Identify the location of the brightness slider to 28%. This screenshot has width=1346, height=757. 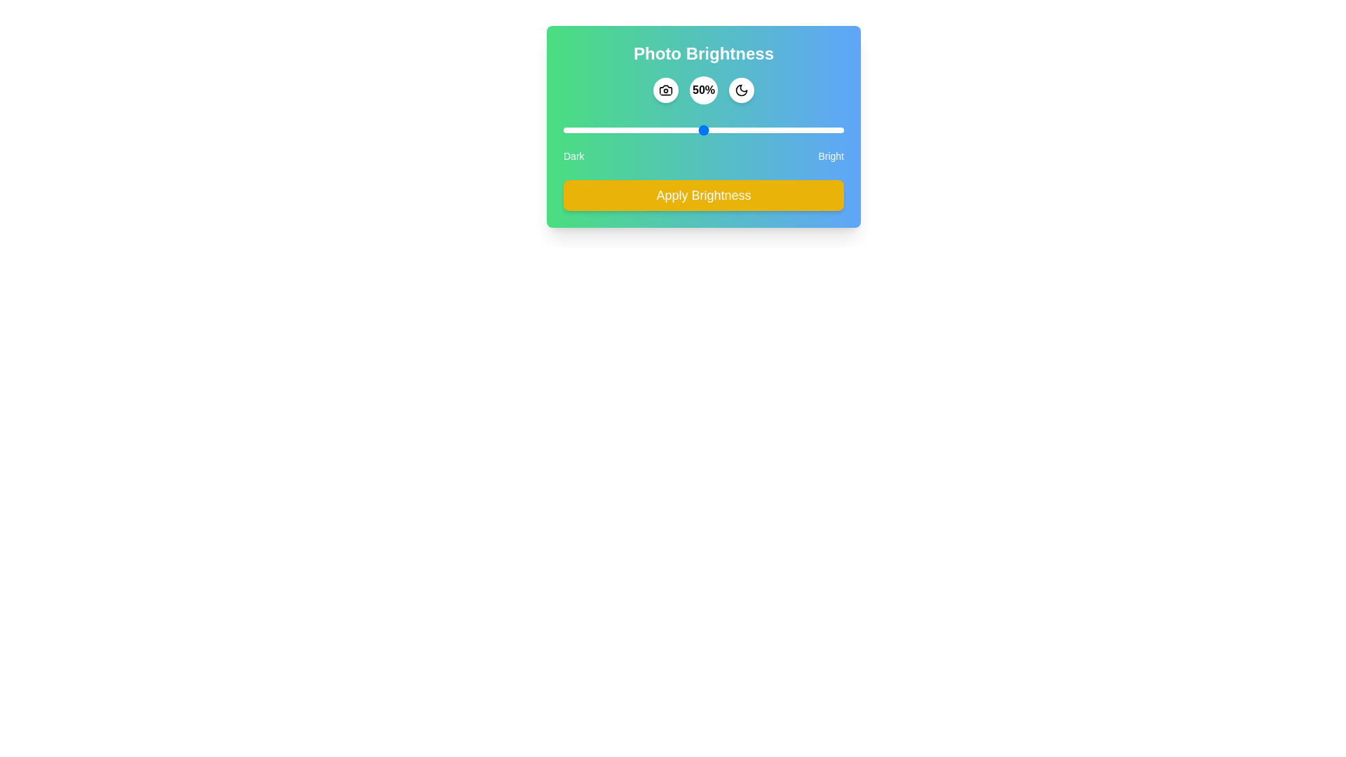
(641, 130).